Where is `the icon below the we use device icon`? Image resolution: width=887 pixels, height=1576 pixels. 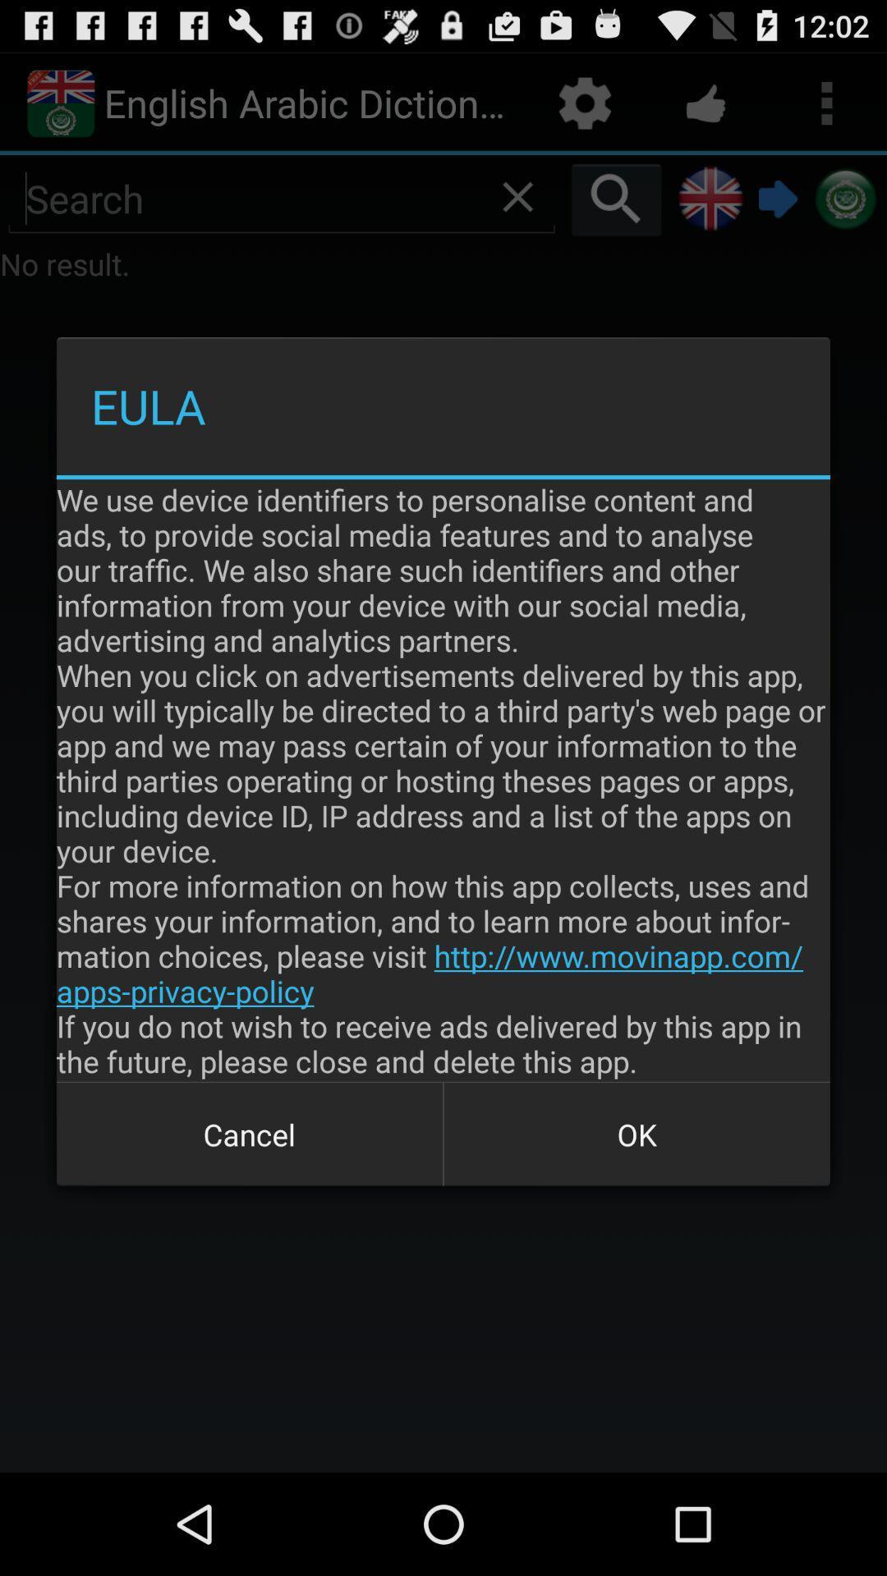
the icon below the we use device icon is located at coordinates (250, 1134).